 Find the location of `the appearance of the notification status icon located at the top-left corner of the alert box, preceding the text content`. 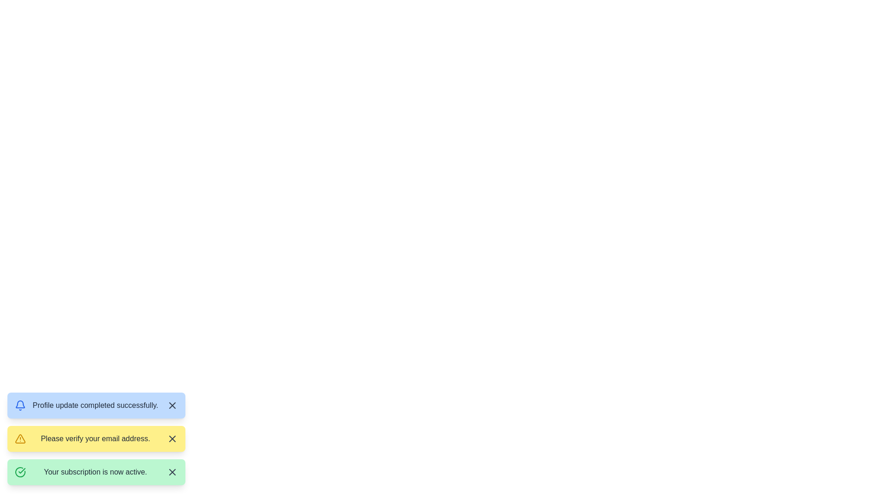

the appearance of the notification status icon located at the top-left corner of the alert box, preceding the text content is located at coordinates (20, 405).